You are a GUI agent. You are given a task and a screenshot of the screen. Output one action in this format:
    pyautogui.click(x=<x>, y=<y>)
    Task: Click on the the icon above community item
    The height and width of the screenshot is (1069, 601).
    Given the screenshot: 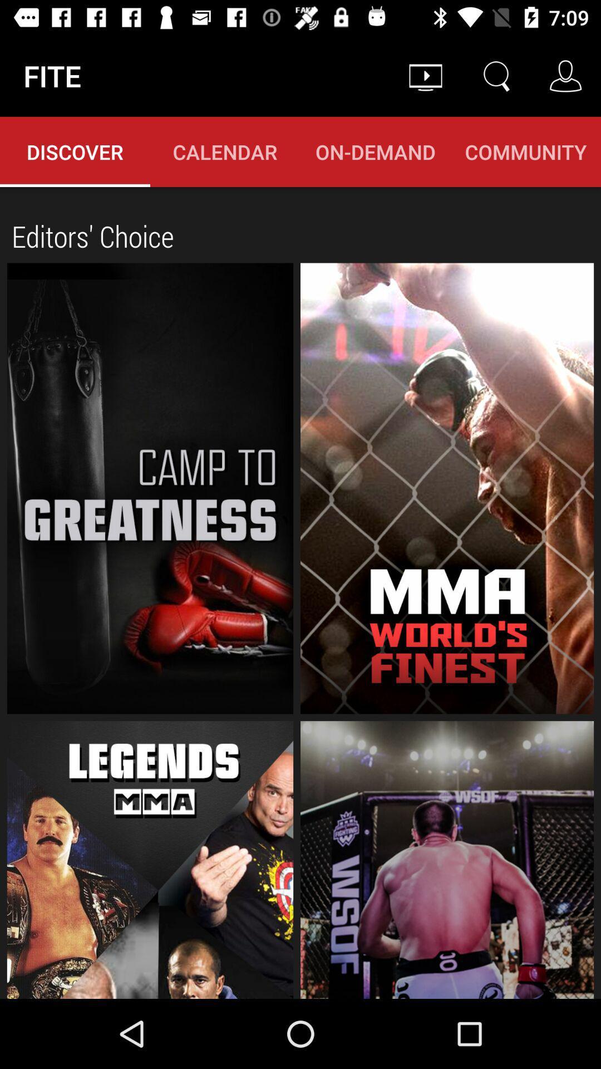 What is the action you would take?
    pyautogui.click(x=566, y=75)
    